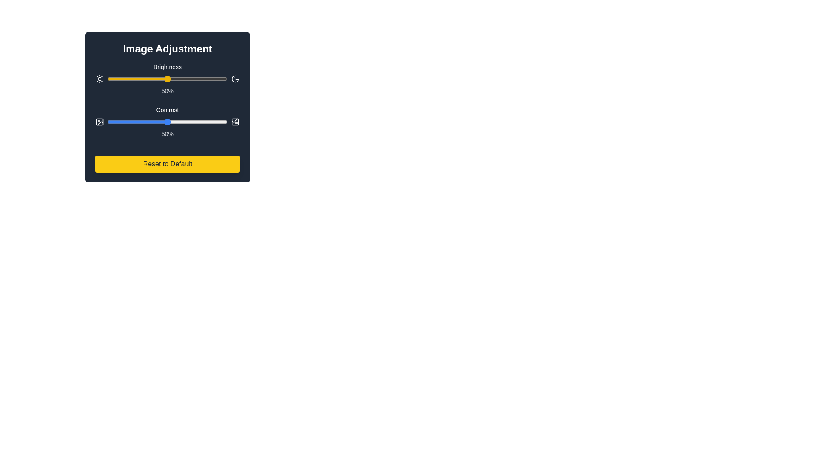 This screenshot has width=825, height=464. What do you see at coordinates (114, 122) in the screenshot?
I see `the contrast level` at bounding box center [114, 122].